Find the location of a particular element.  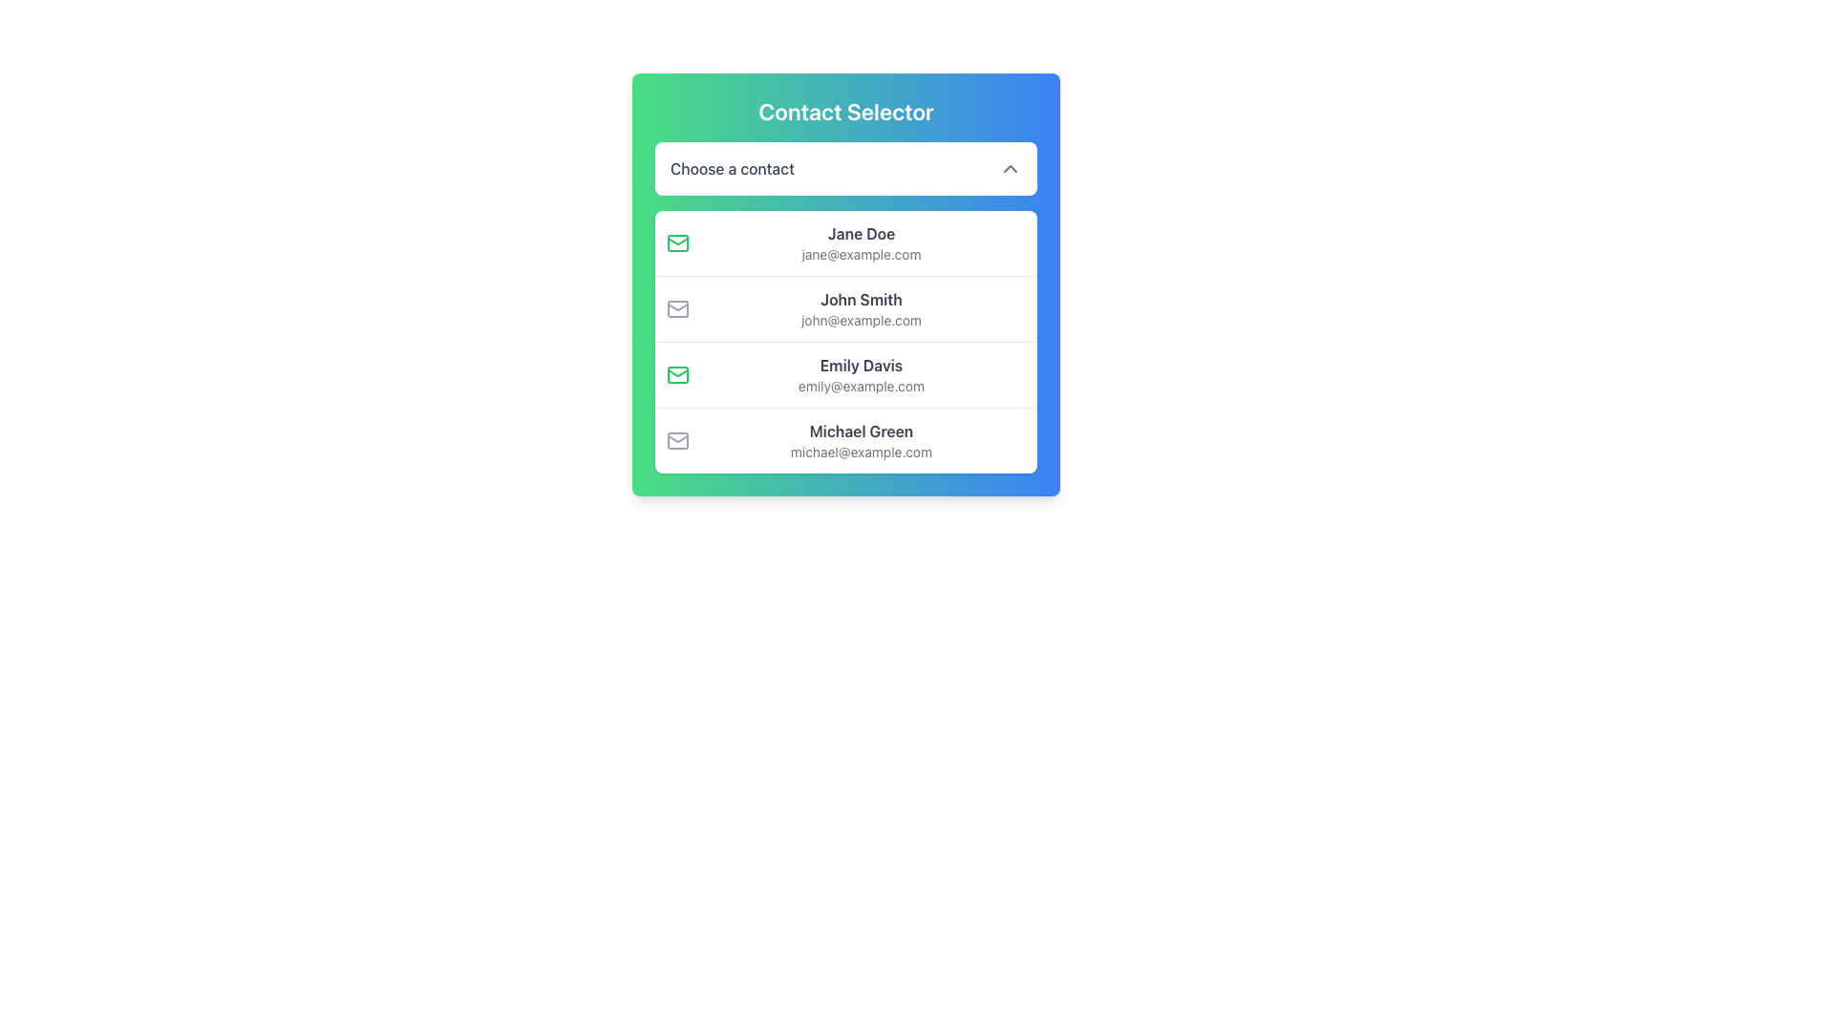

the chevron-down icon which is part of the 'Choose a contact' drop-down box, located on the far-right end of the selection bar is located at coordinates (1009, 168).